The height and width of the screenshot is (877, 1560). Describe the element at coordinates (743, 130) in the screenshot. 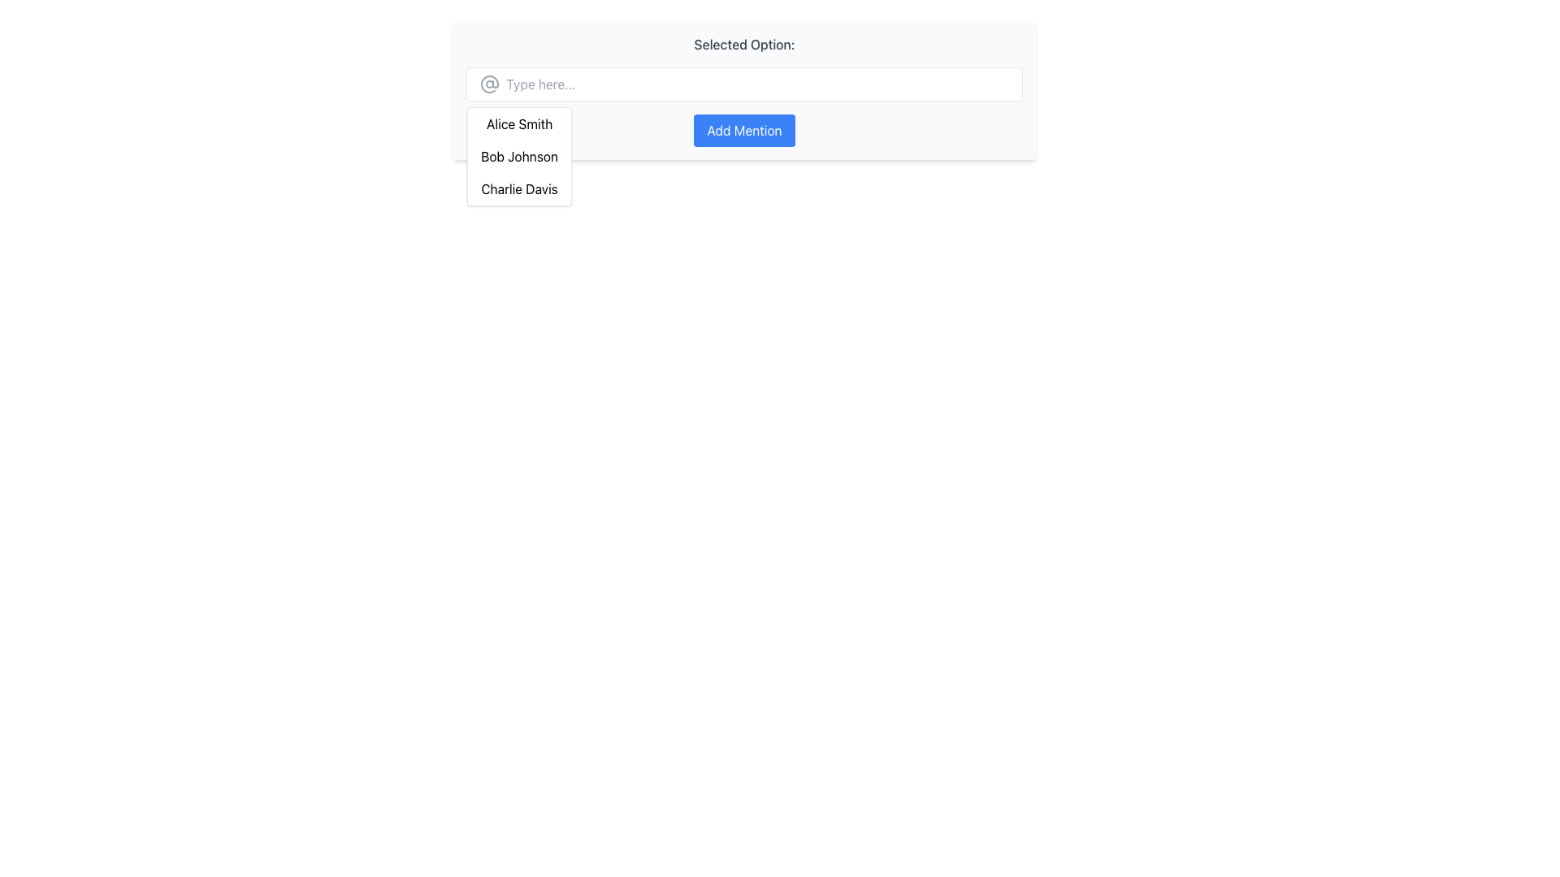

I see `the button located on the right side of the layout` at that location.